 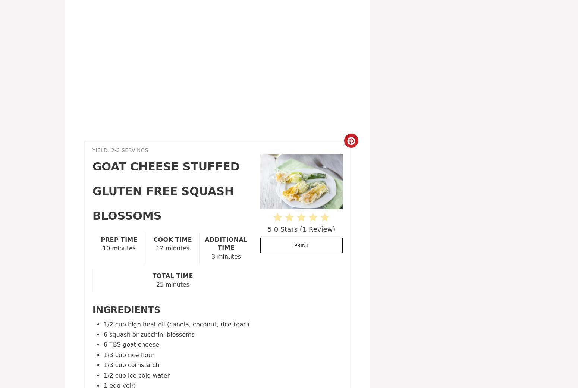 I want to click on '10 minutes', so click(x=119, y=248).